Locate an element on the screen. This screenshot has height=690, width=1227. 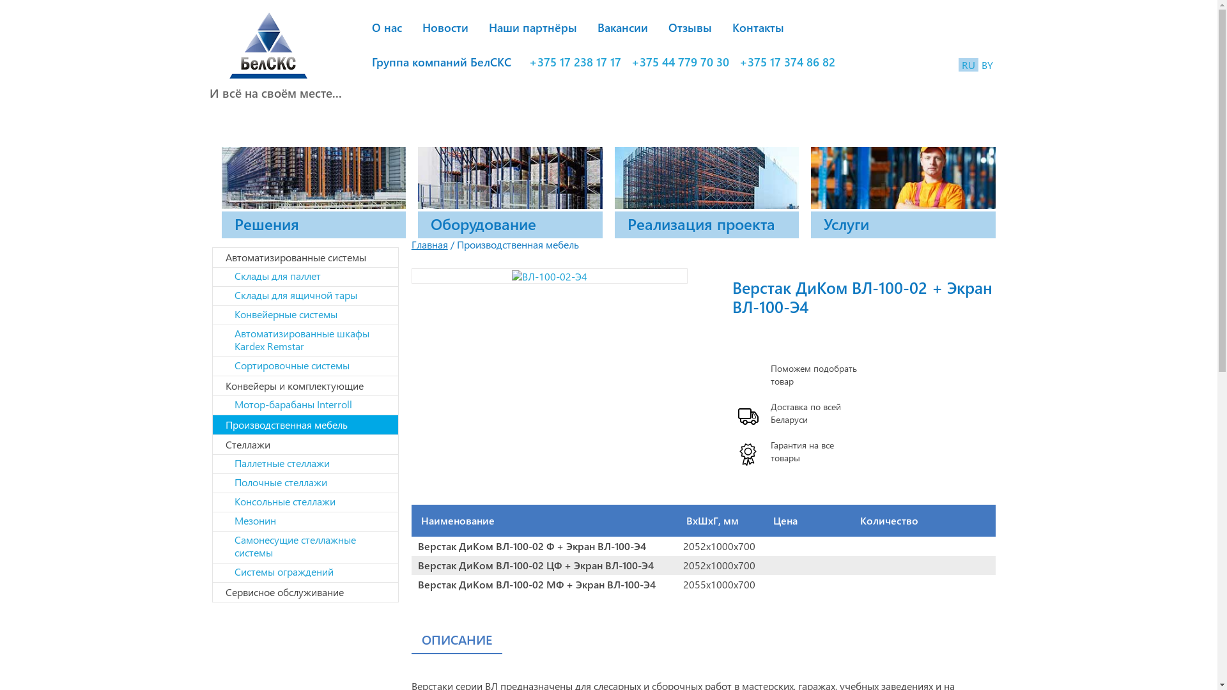
'+375 17 238 17 17' is located at coordinates (529, 61).